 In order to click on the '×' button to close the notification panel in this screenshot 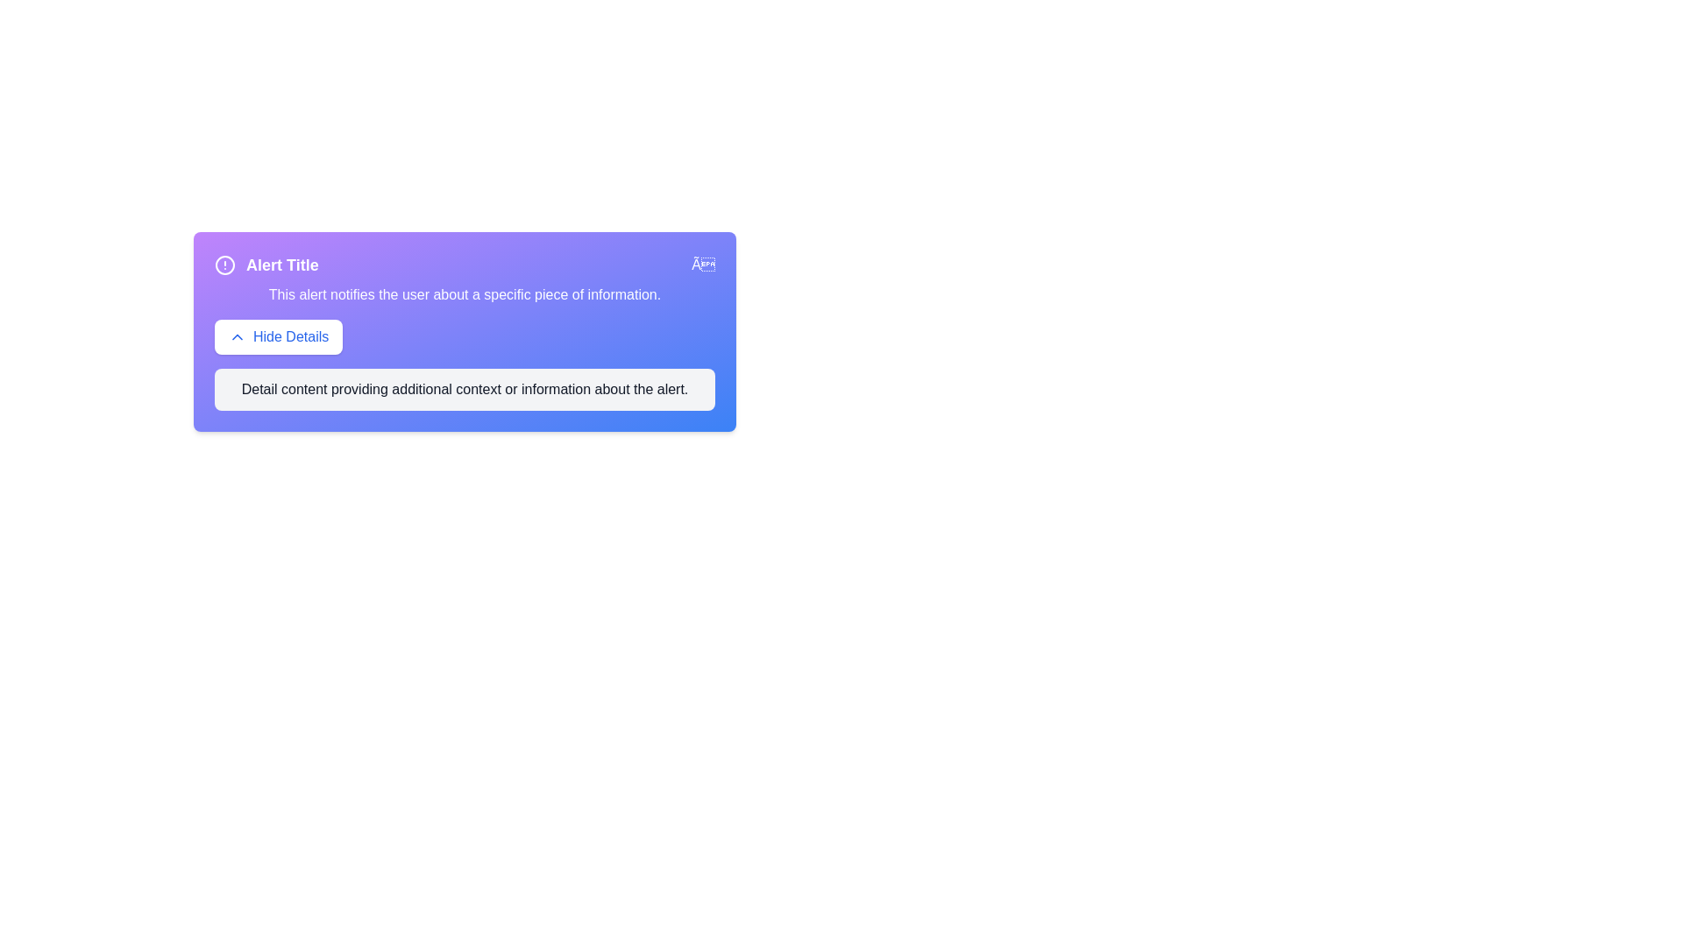, I will do `click(702, 265)`.